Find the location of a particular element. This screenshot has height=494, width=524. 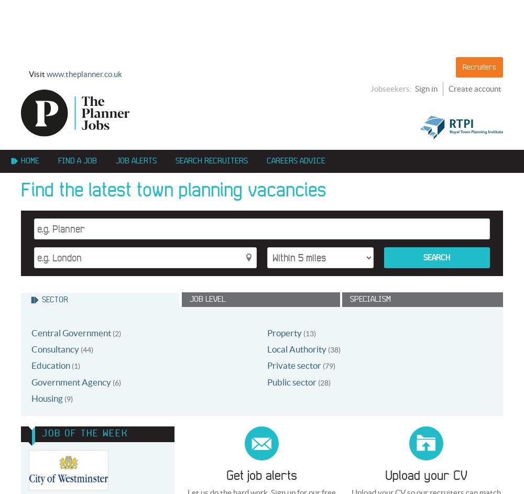

'Job Level' is located at coordinates (207, 299).